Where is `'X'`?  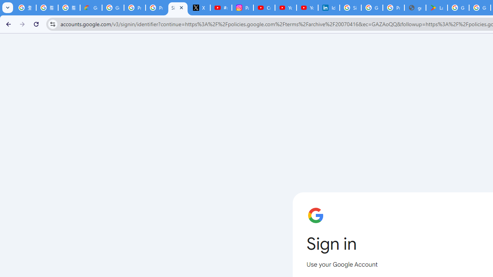
'X' is located at coordinates (200, 8).